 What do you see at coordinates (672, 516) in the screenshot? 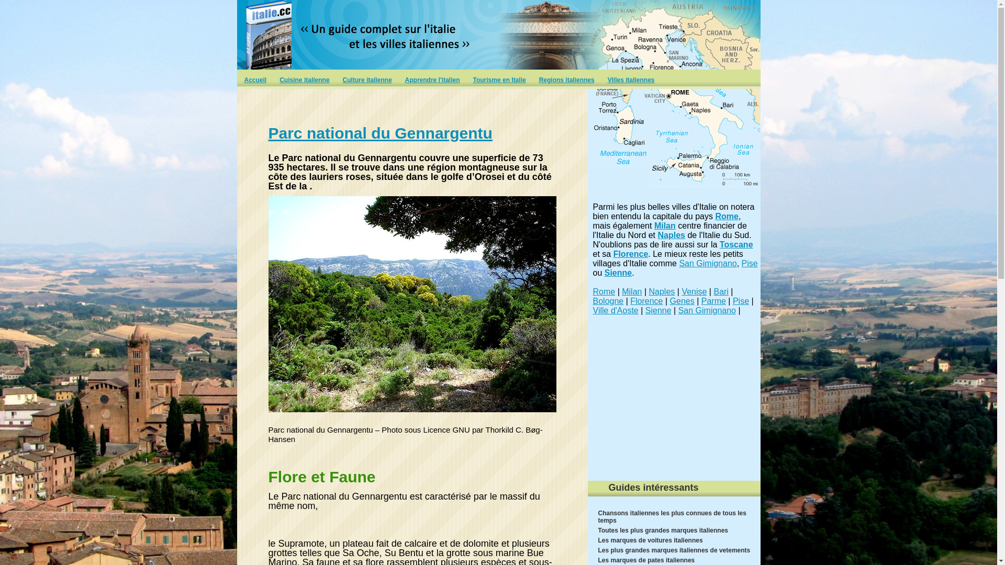
I see `'Chansons italiennes les plus connues de tous les temps'` at bounding box center [672, 516].